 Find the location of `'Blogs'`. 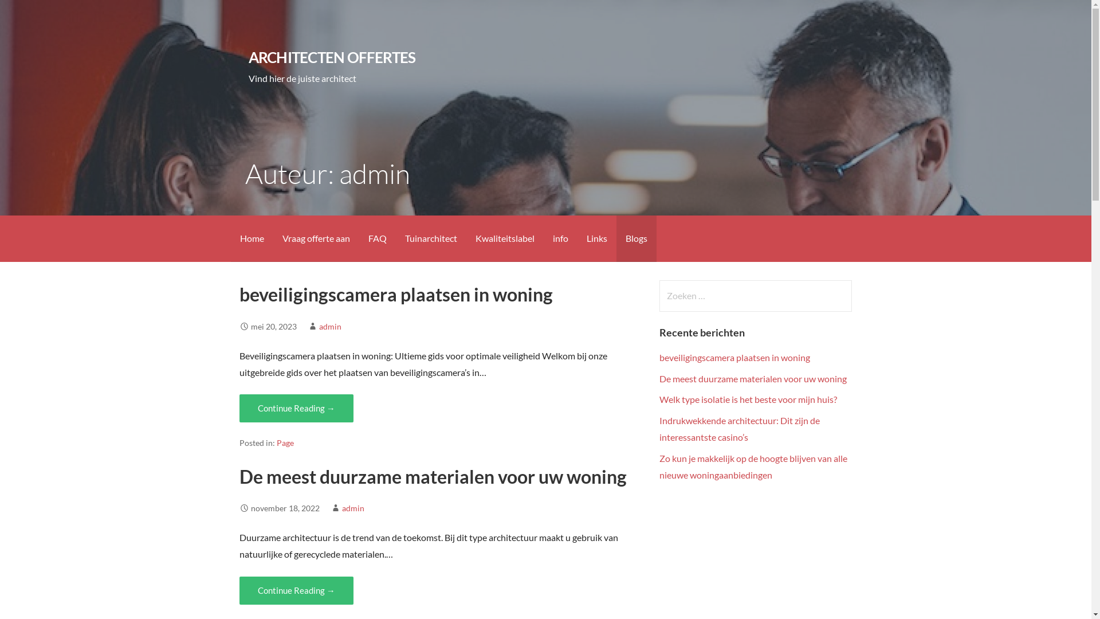

'Blogs' is located at coordinates (635, 238).